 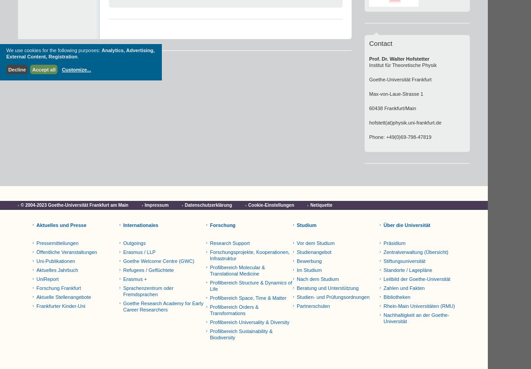 I want to click on 'Erasmus / LLP', so click(x=139, y=251).